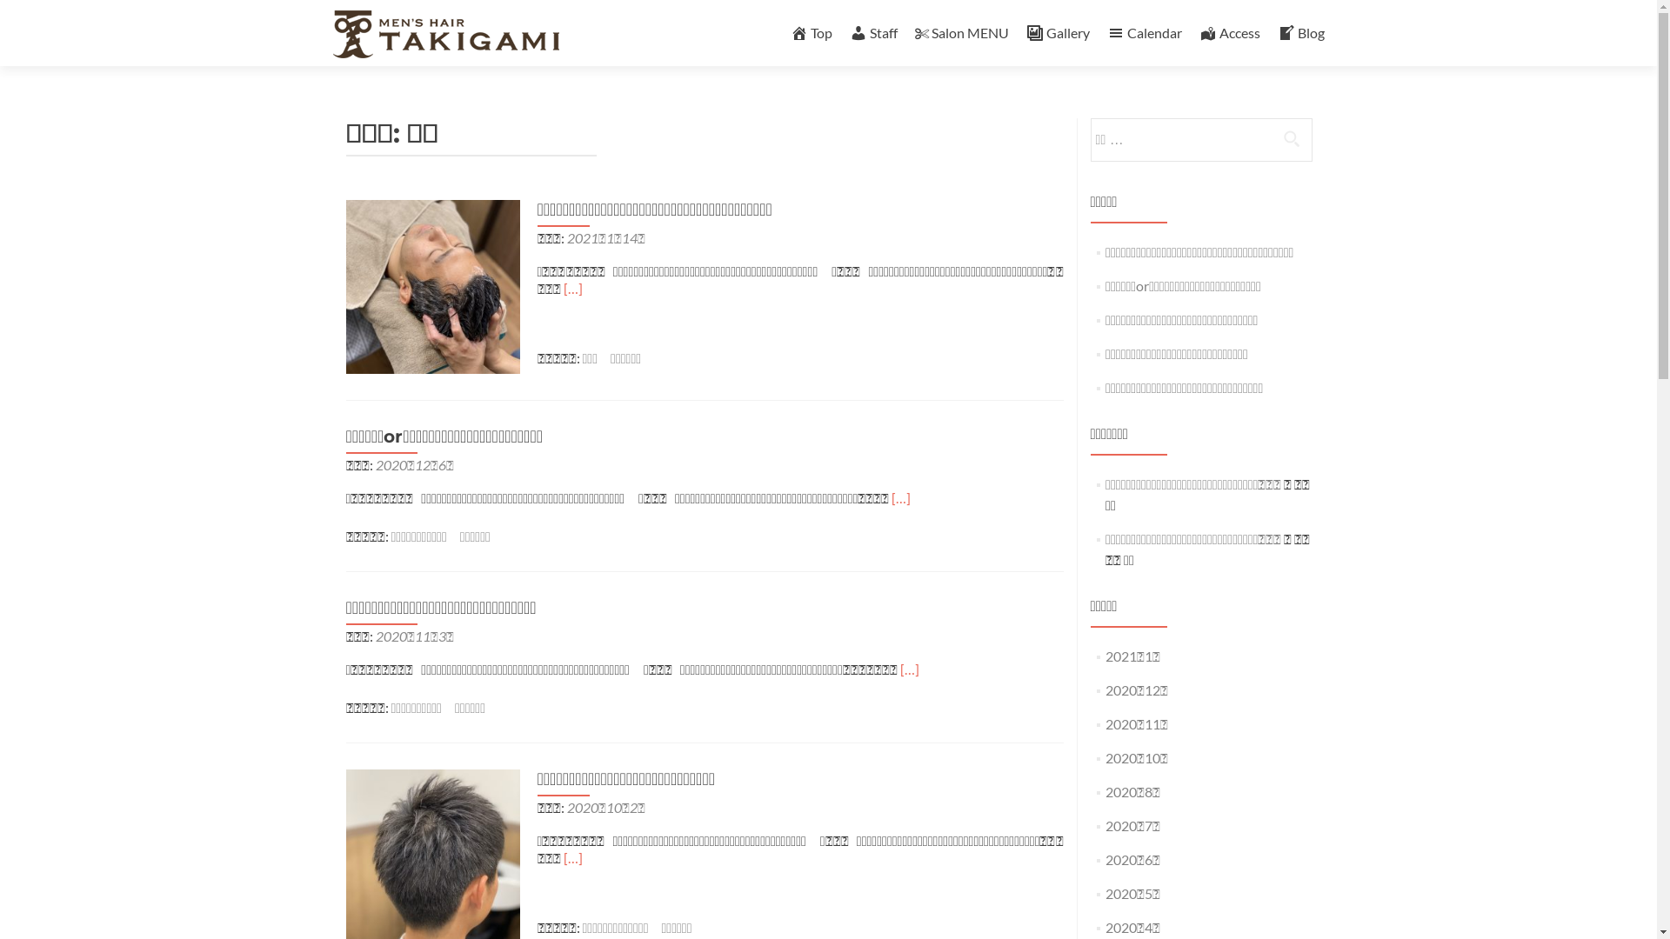 The height and width of the screenshot is (939, 1670). Describe the element at coordinates (872, 32) in the screenshot. I see `'Staff'` at that location.